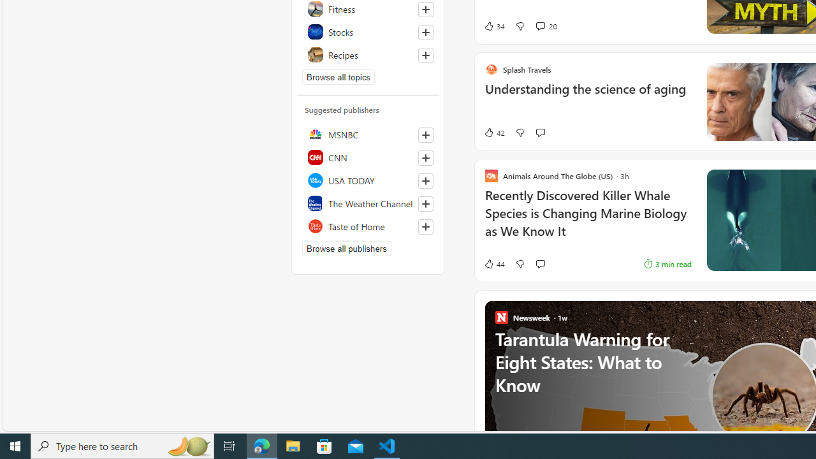 The height and width of the screenshot is (459, 816). What do you see at coordinates (426, 226) in the screenshot?
I see `'Follow this source'` at bounding box center [426, 226].